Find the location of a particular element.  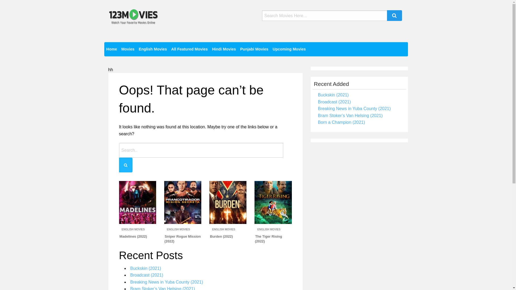

'Home' is located at coordinates (112, 49).